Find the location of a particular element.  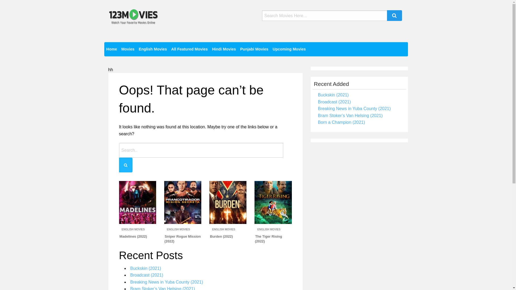

'Home' is located at coordinates (112, 49).